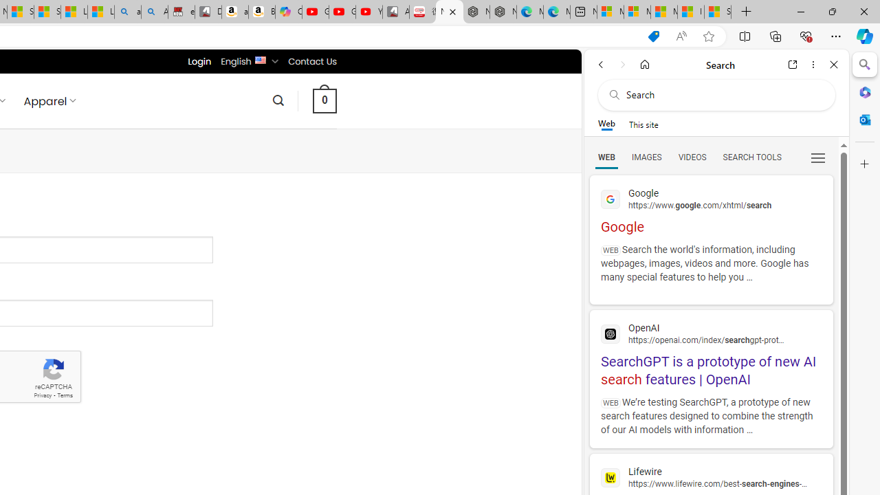  Describe the element at coordinates (646, 156) in the screenshot. I see `'IMAGES'` at that location.